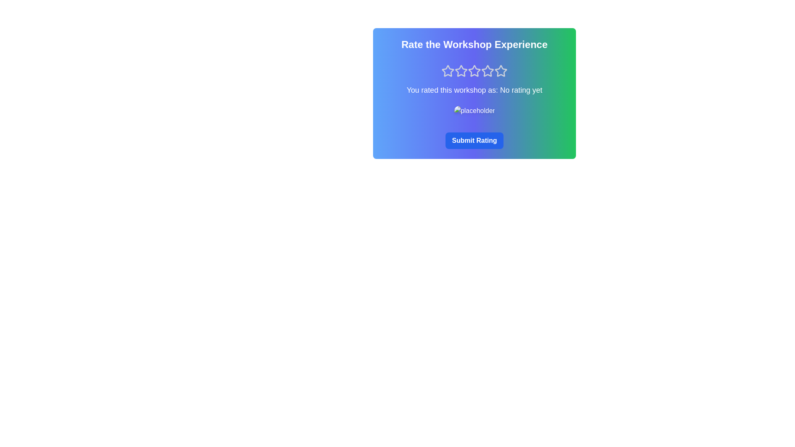  What do you see at coordinates (447, 71) in the screenshot?
I see `the star corresponding to 1 stars to preview the rating` at bounding box center [447, 71].